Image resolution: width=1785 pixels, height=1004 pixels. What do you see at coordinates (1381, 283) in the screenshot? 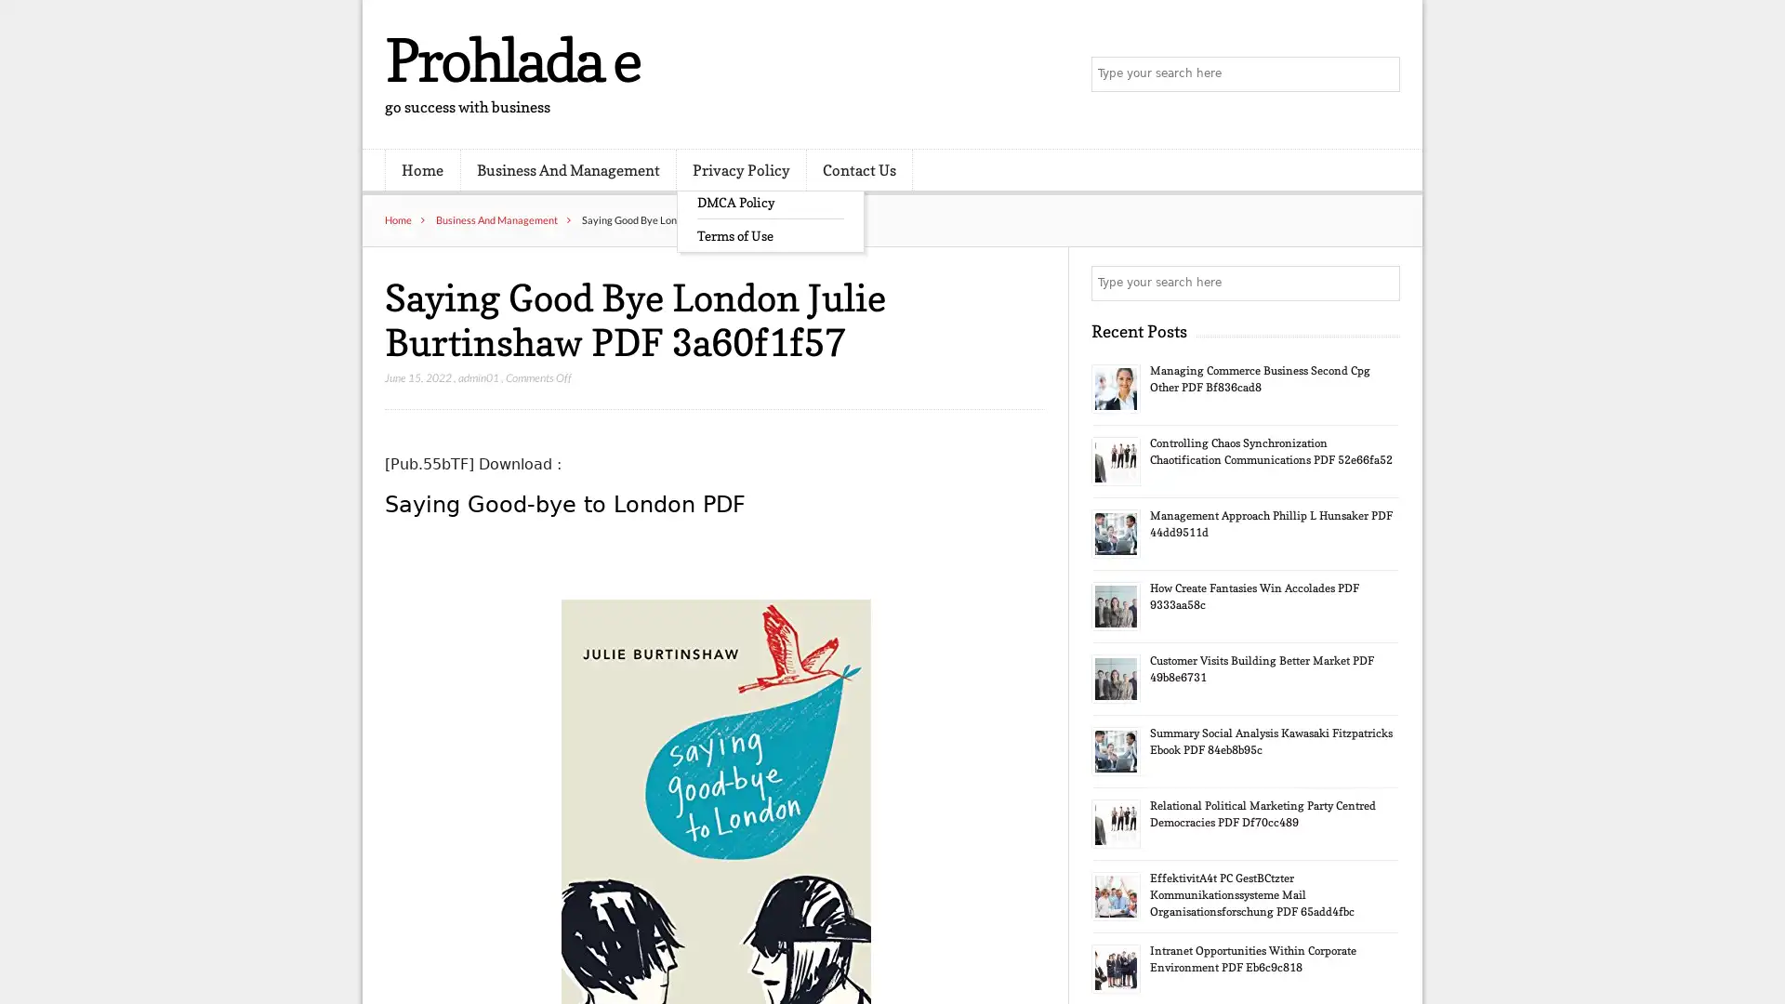
I see `Search` at bounding box center [1381, 283].